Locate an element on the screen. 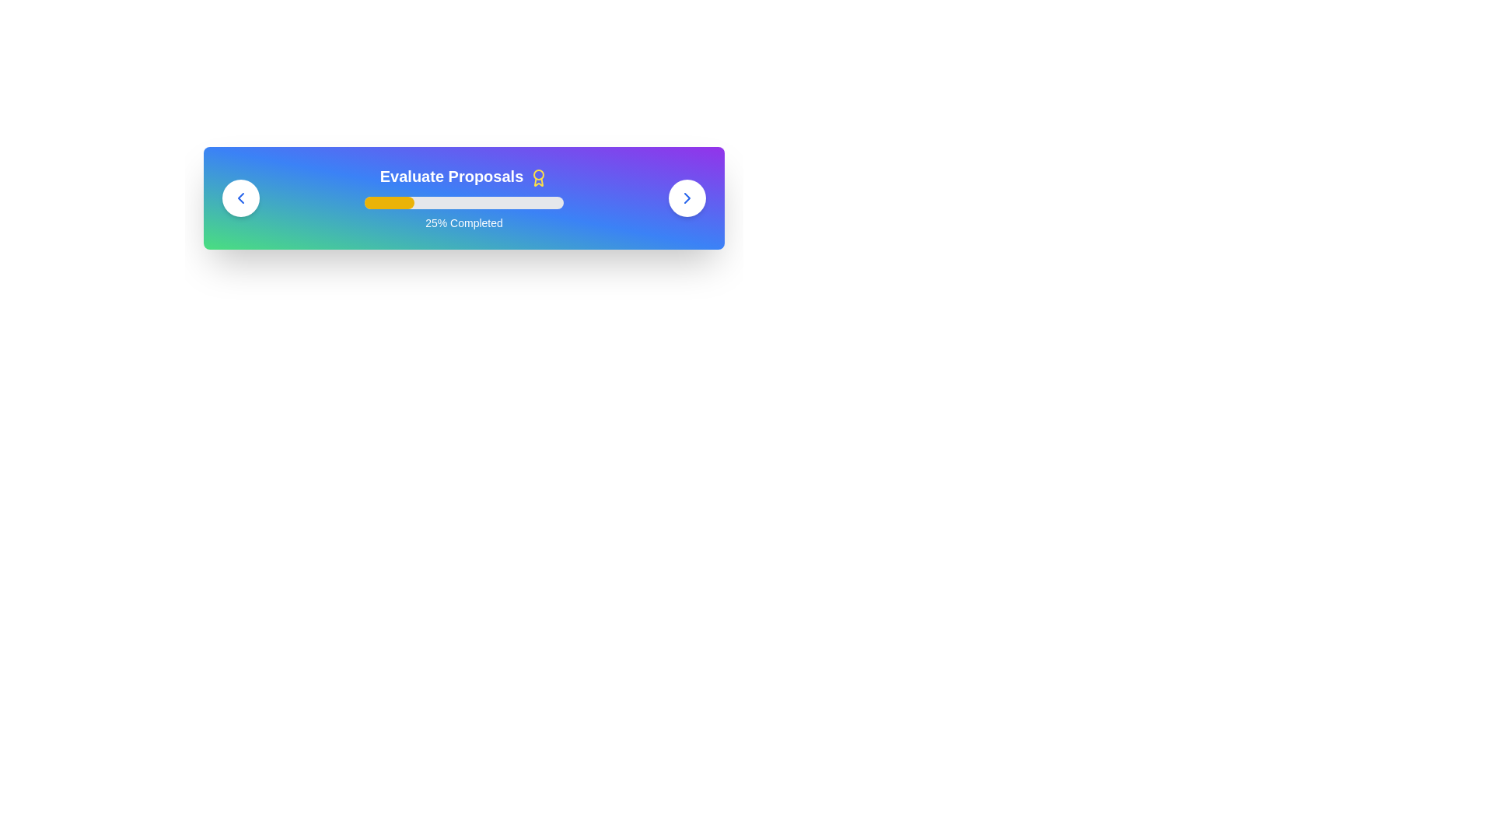  the leftward navigation SVG Icon, located within a circle is located at coordinates (240, 197).